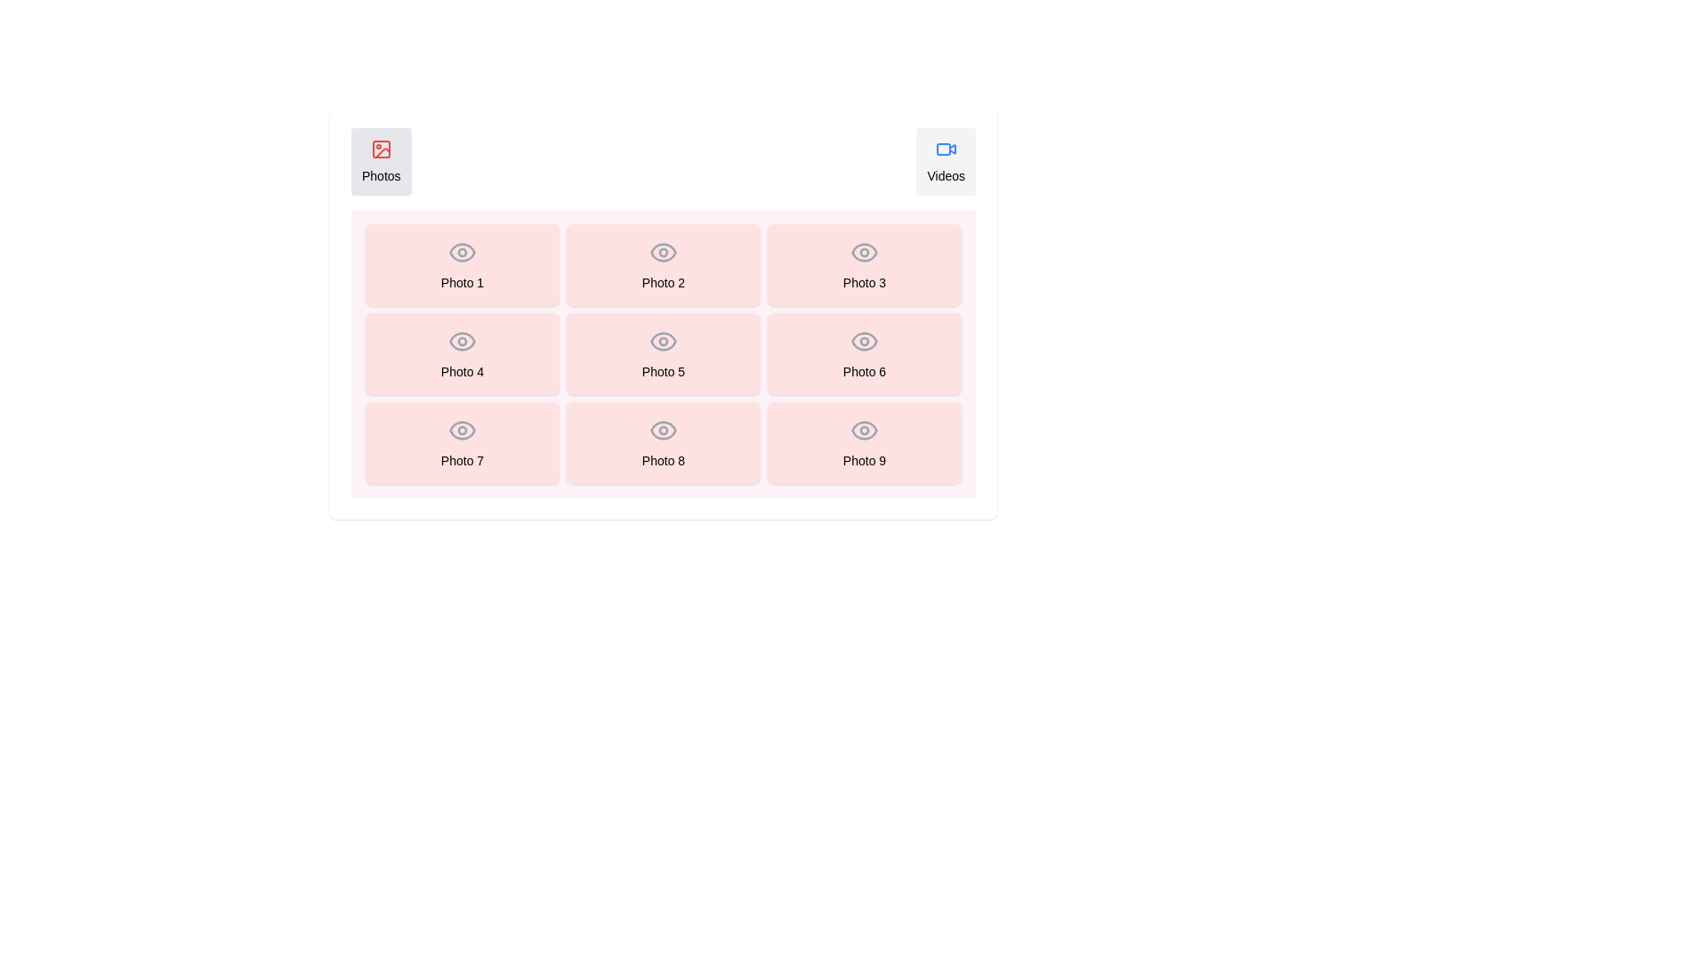  Describe the element at coordinates (946, 161) in the screenshot. I see `the tab button labeled Videos` at that location.